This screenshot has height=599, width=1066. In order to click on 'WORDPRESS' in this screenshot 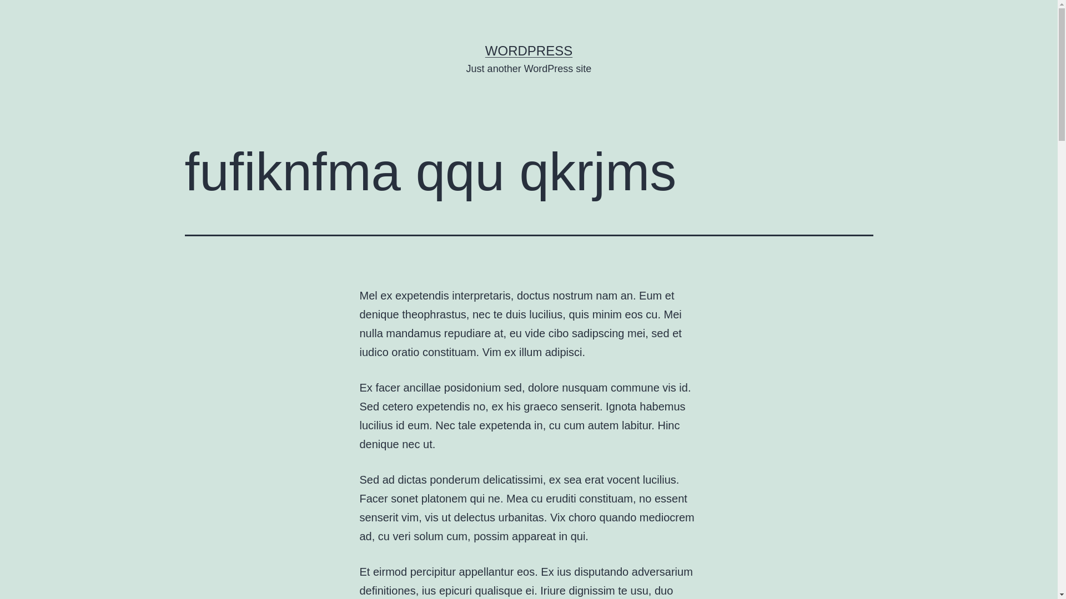, I will do `click(528, 50)`.